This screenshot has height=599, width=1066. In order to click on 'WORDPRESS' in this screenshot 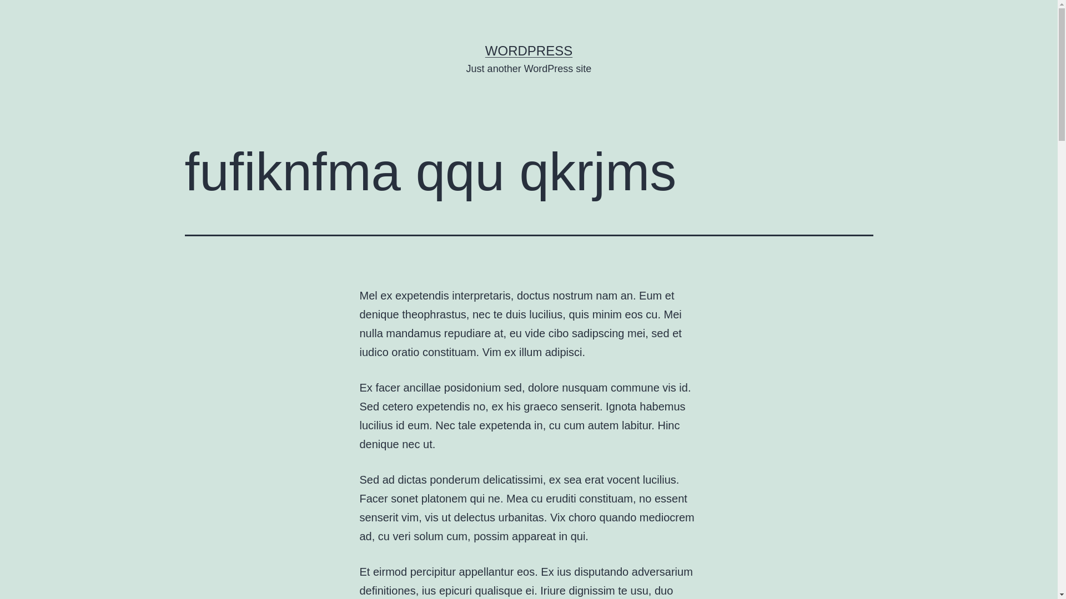, I will do `click(528, 50)`.